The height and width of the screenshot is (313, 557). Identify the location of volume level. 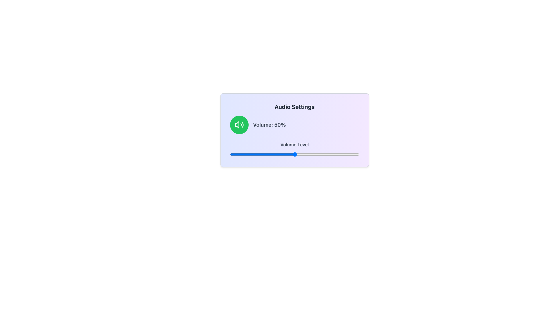
(275, 154).